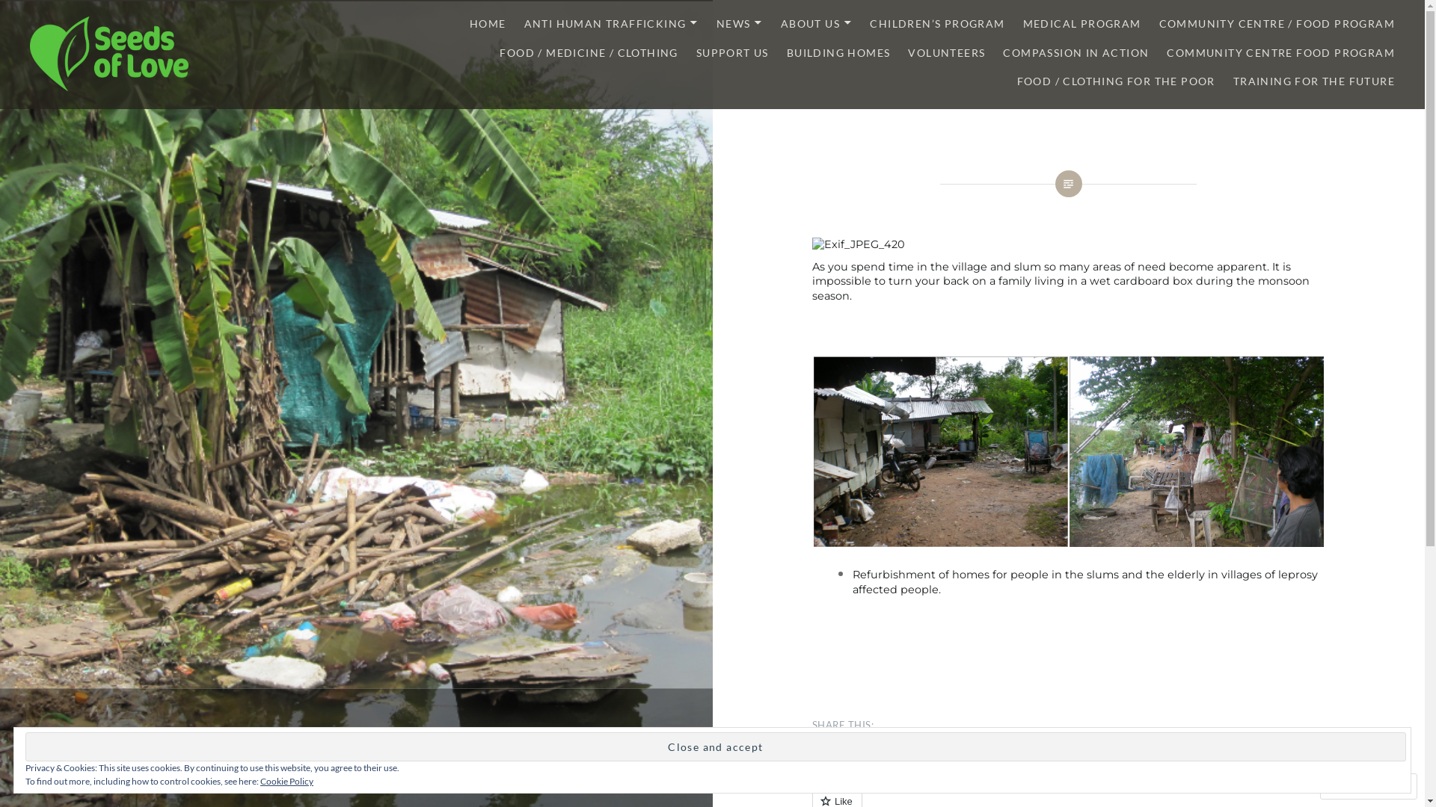 This screenshot has height=807, width=1436. What do you see at coordinates (1016, 81) in the screenshot?
I see `'FOOD / CLOTHING FOR THE POOR'` at bounding box center [1016, 81].